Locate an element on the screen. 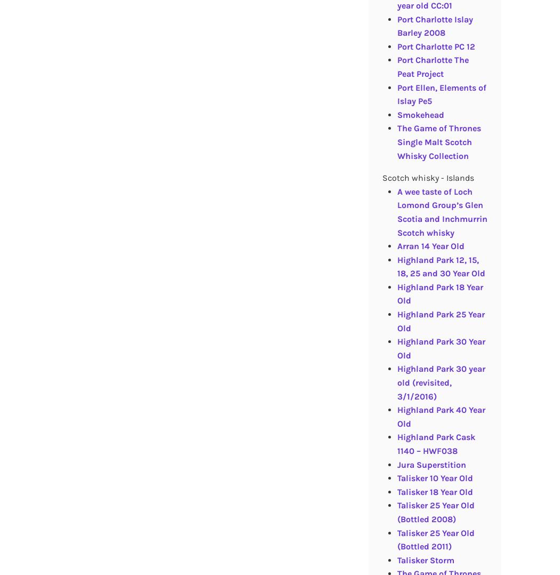 This screenshot has width=560, height=575. 'Talisker 25 Year Old (Bottled 2008)' is located at coordinates (435, 511).